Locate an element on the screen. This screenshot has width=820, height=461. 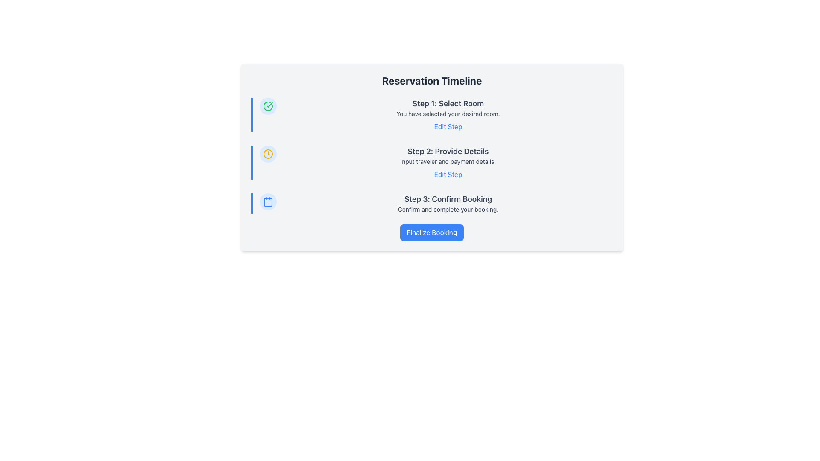
the Text Label that indicates the current step in the process, which is positioned above the text 'Confirm and complete your booking.' is located at coordinates (448, 199).